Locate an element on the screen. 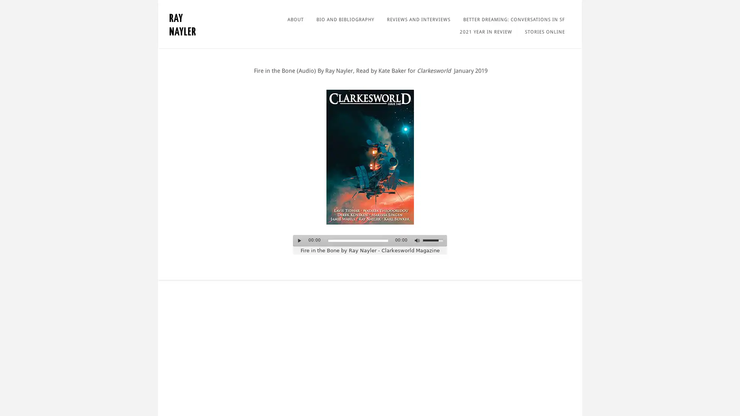 This screenshot has width=740, height=416. Play/Pause is located at coordinates (299, 240).